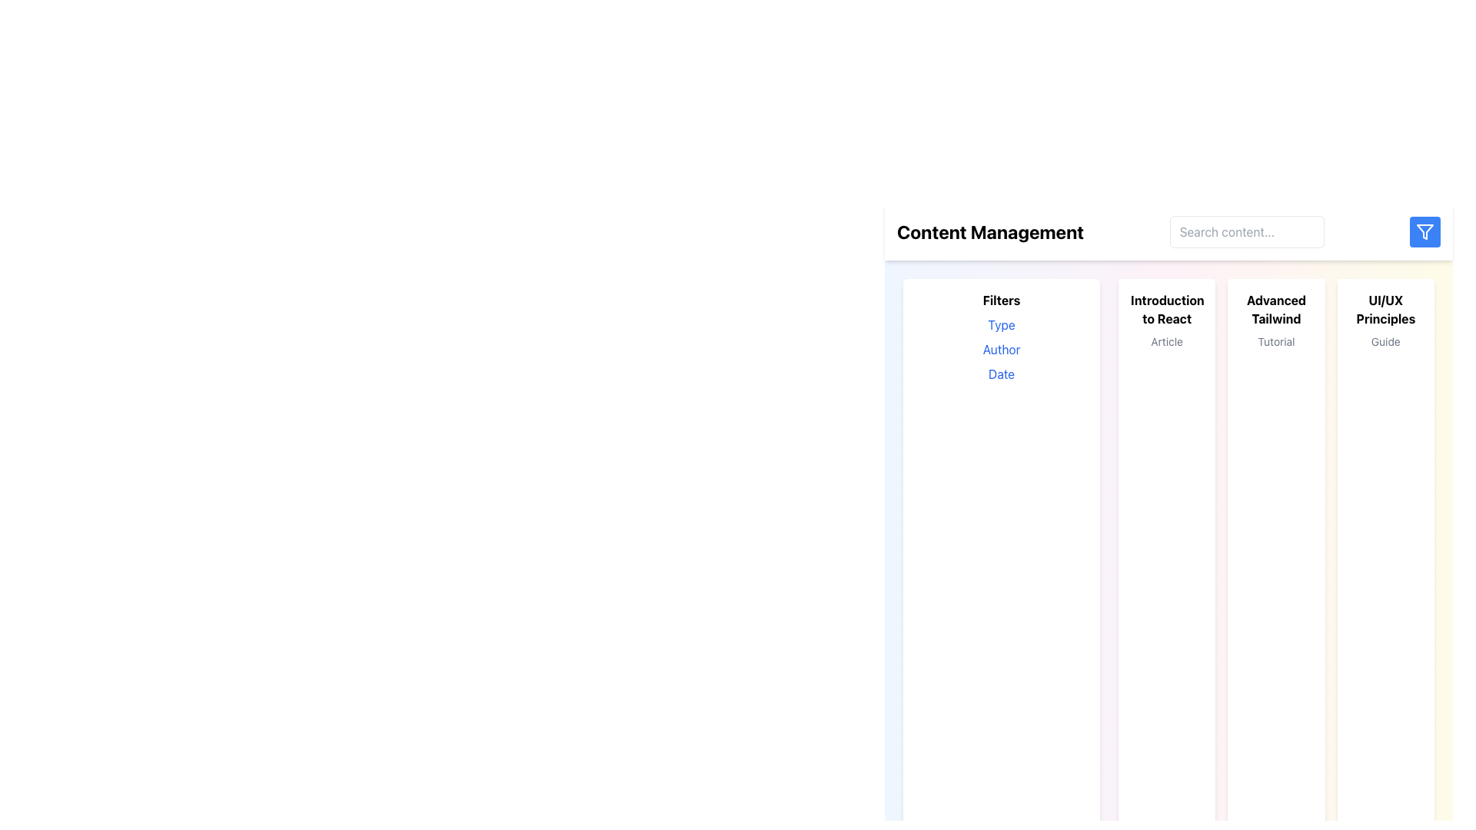 The image size is (1476, 830). What do you see at coordinates (1424, 231) in the screenshot?
I see `the white funnel-shaped icon within the blue circular button located at the top-right corner of the interface` at bounding box center [1424, 231].